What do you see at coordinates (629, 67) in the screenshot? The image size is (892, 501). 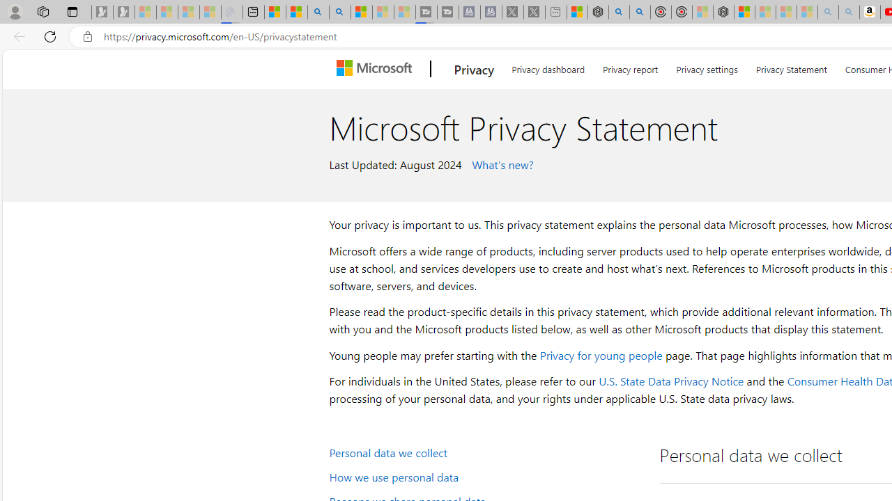 I see `'Privacy report'` at bounding box center [629, 67].